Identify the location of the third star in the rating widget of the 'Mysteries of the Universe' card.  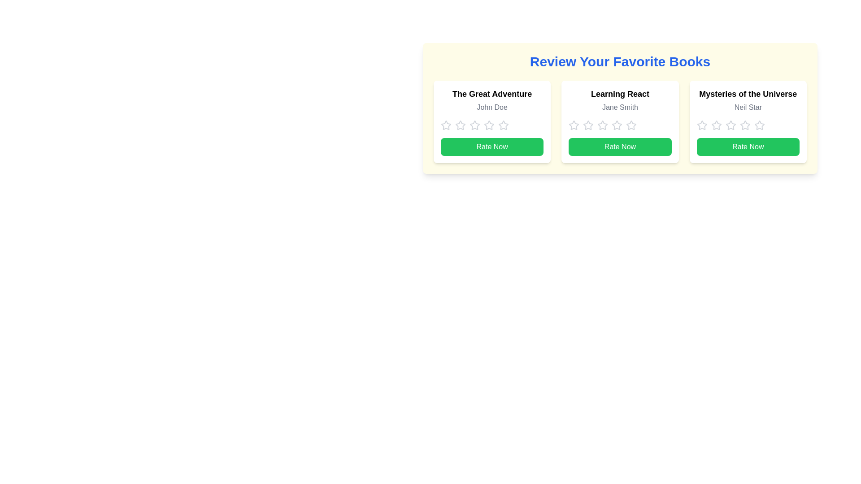
(745, 125).